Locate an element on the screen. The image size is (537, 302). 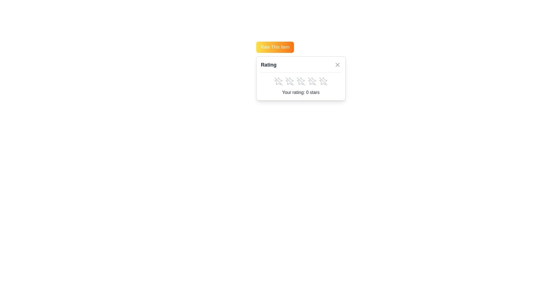
the first rating star icon, which is a grayed-out star located in a modal window below the title 'Rating' is located at coordinates (278, 81).